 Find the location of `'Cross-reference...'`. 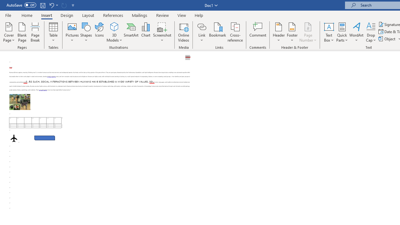

'Cross-reference...' is located at coordinates (235, 32).